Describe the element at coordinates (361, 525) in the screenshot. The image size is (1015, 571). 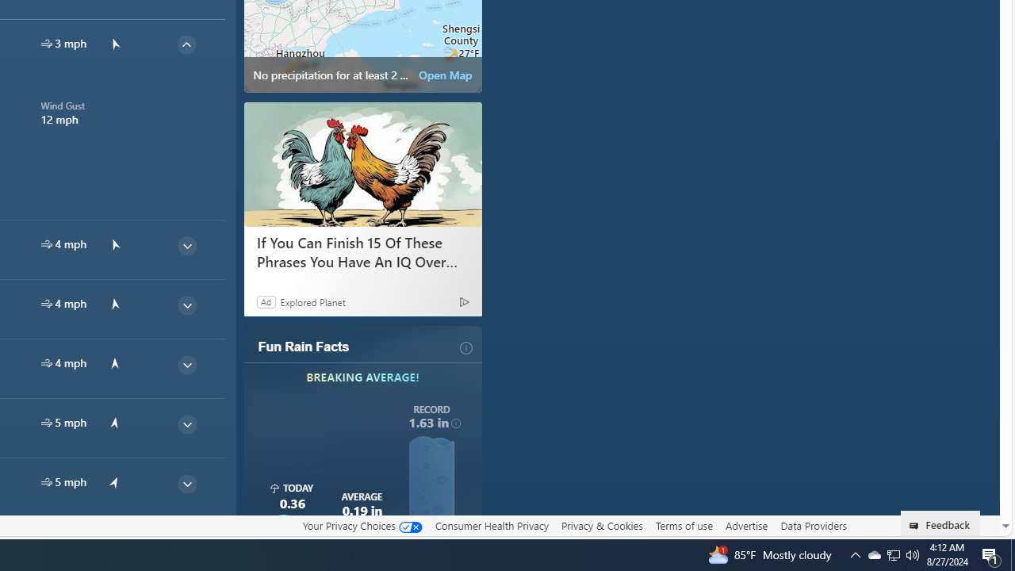
I see `'Your Privacy Choices'` at that location.